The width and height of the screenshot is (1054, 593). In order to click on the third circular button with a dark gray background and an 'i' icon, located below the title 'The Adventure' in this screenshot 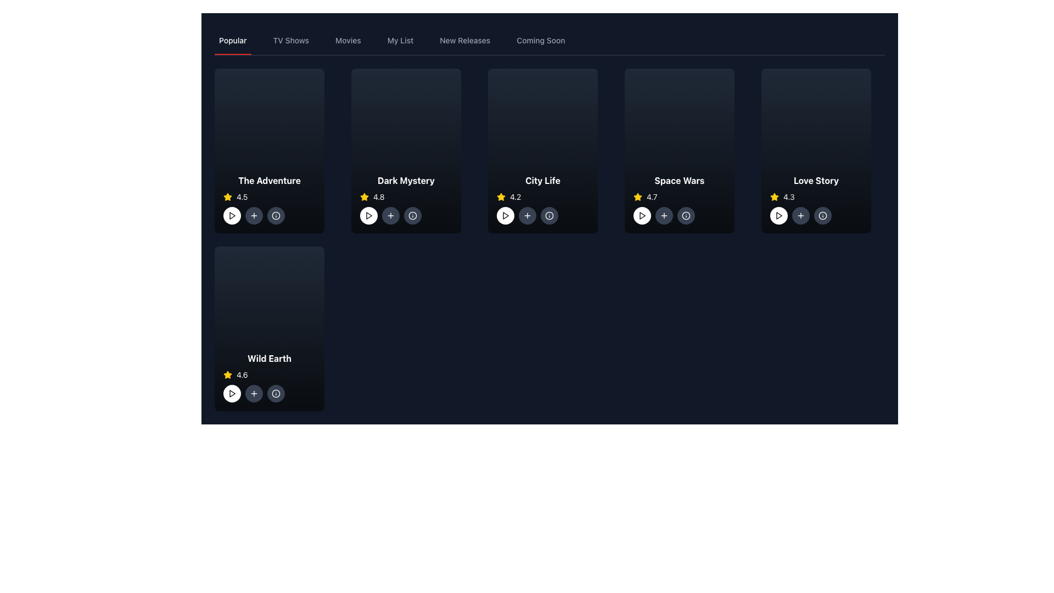, I will do `click(276, 216)`.